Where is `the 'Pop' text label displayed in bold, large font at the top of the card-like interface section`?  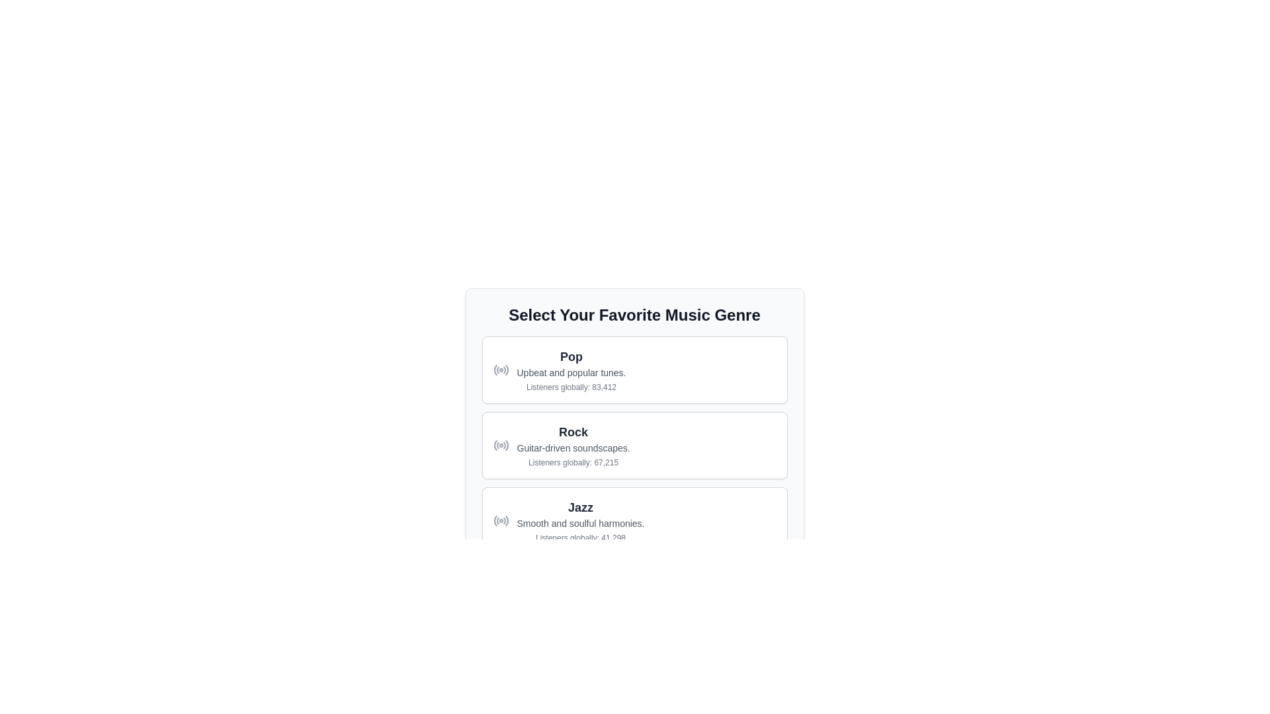
the 'Pop' text label displayed in bold, large font at the top of the card-like interface section is located at coordinates (571, 357).